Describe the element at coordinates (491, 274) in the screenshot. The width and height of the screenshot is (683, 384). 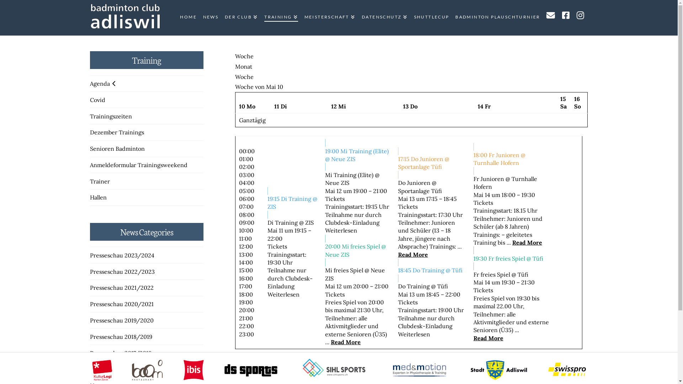
I see `'Fr freies Spiel'` at that location.